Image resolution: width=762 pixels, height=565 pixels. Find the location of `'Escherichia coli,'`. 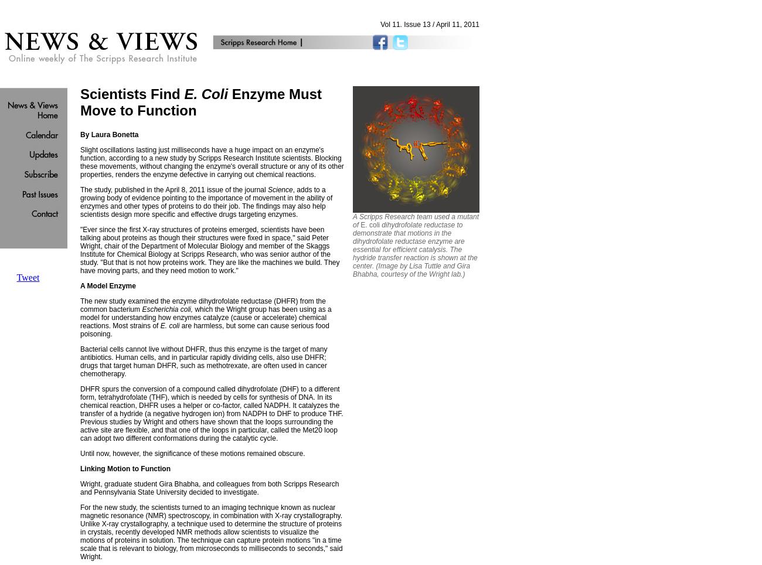

'Escherichia coli,' is located at coordinates (167, 309).